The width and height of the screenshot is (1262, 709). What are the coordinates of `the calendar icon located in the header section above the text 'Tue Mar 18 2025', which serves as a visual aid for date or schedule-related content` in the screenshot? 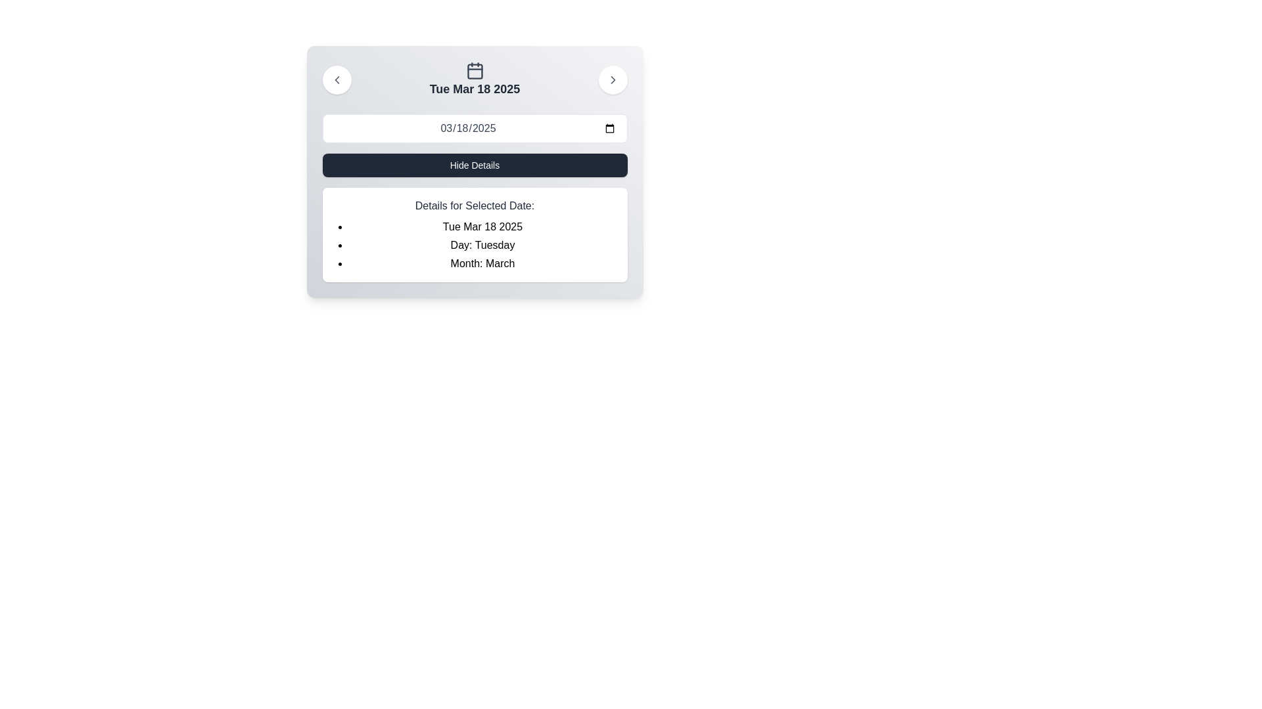 It's located at (474, 71).